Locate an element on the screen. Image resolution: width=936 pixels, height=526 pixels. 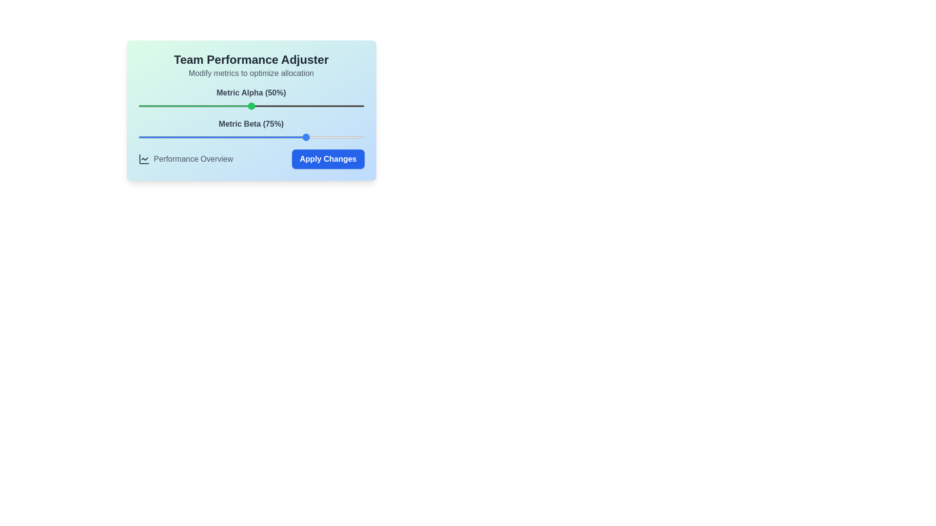
the Metric Alpha slider to set its value to 1 is located at coordinates (140, 106).